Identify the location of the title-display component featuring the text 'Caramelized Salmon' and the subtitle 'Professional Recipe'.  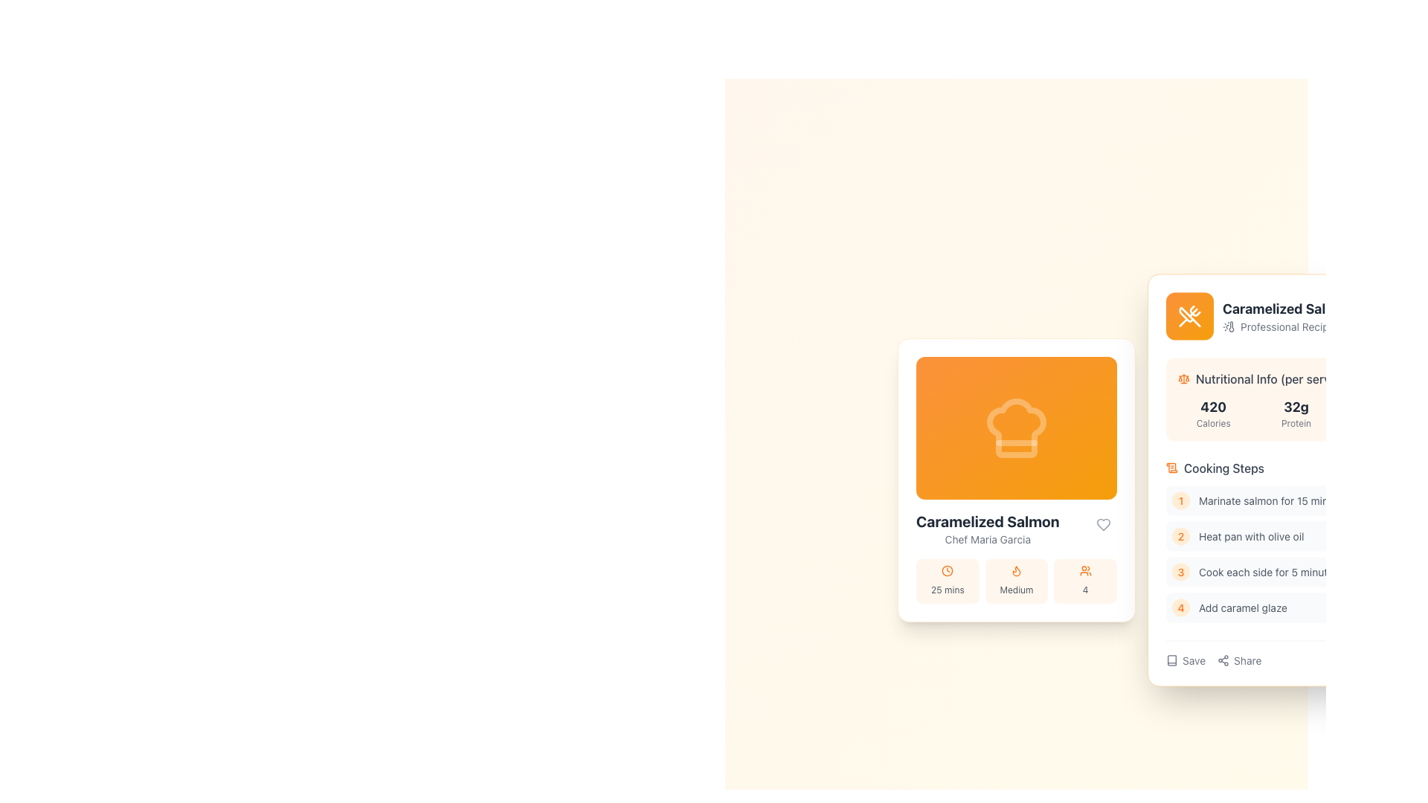
(1295, 315).